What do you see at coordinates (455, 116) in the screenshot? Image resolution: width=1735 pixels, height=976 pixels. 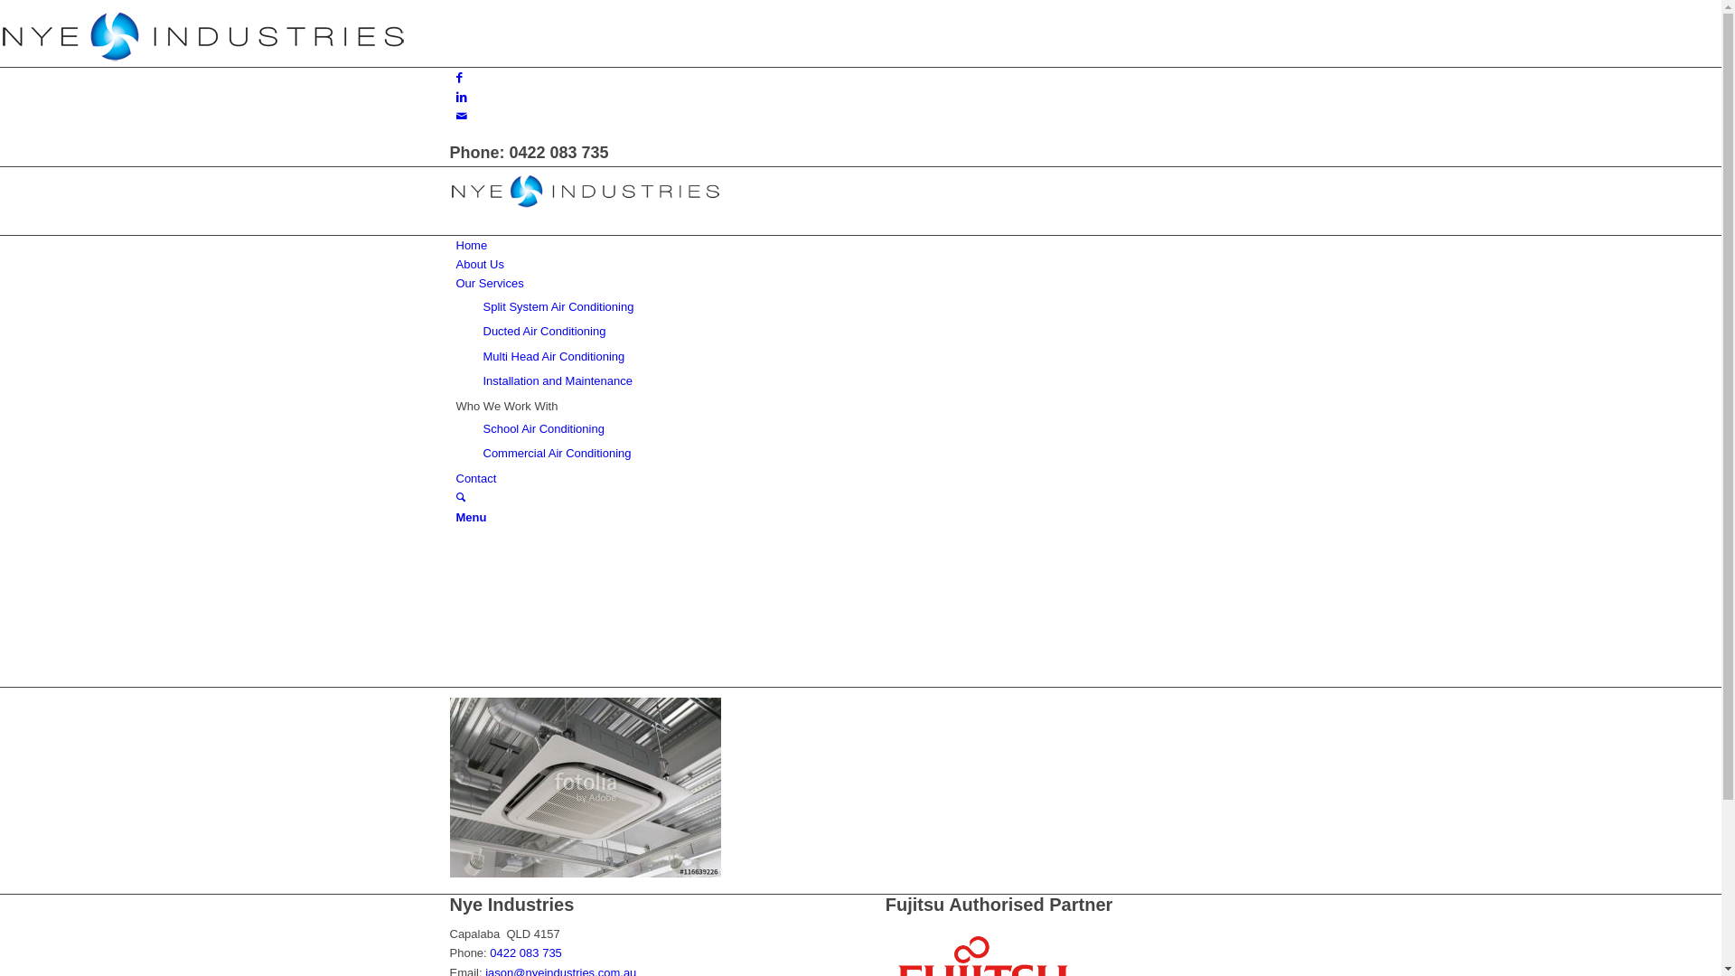 I see `'Mail'` at bounding box center [455, 116].